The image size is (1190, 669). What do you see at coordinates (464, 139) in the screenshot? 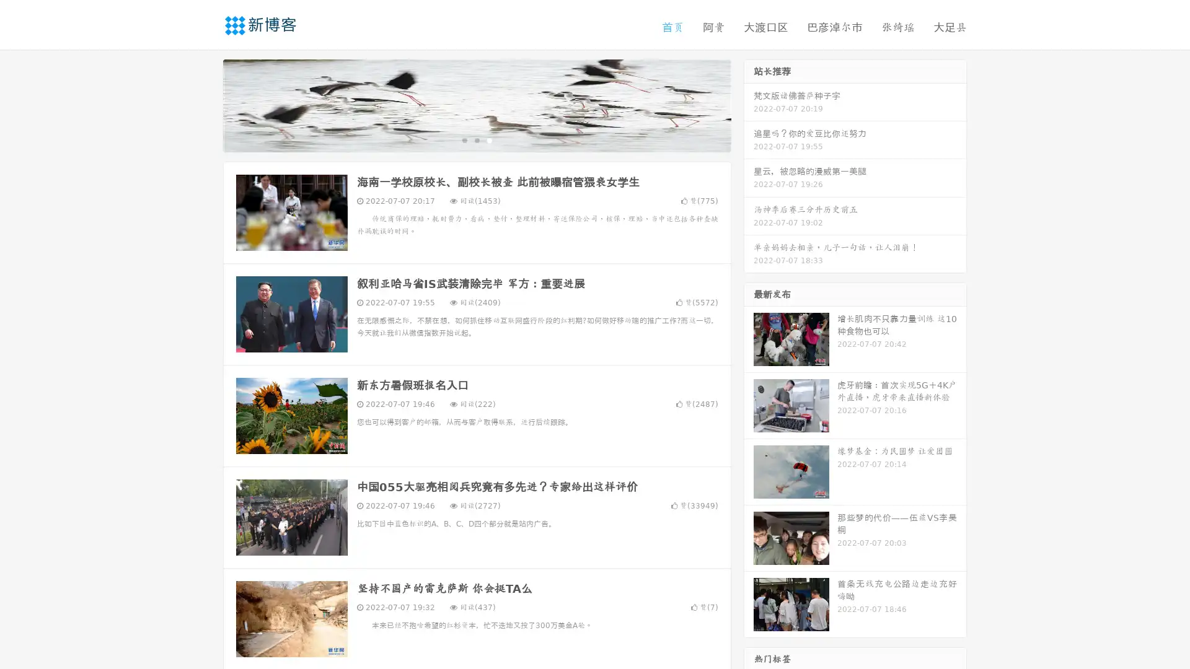
I see `Go to slide 1` at bounding box center [464, 139].